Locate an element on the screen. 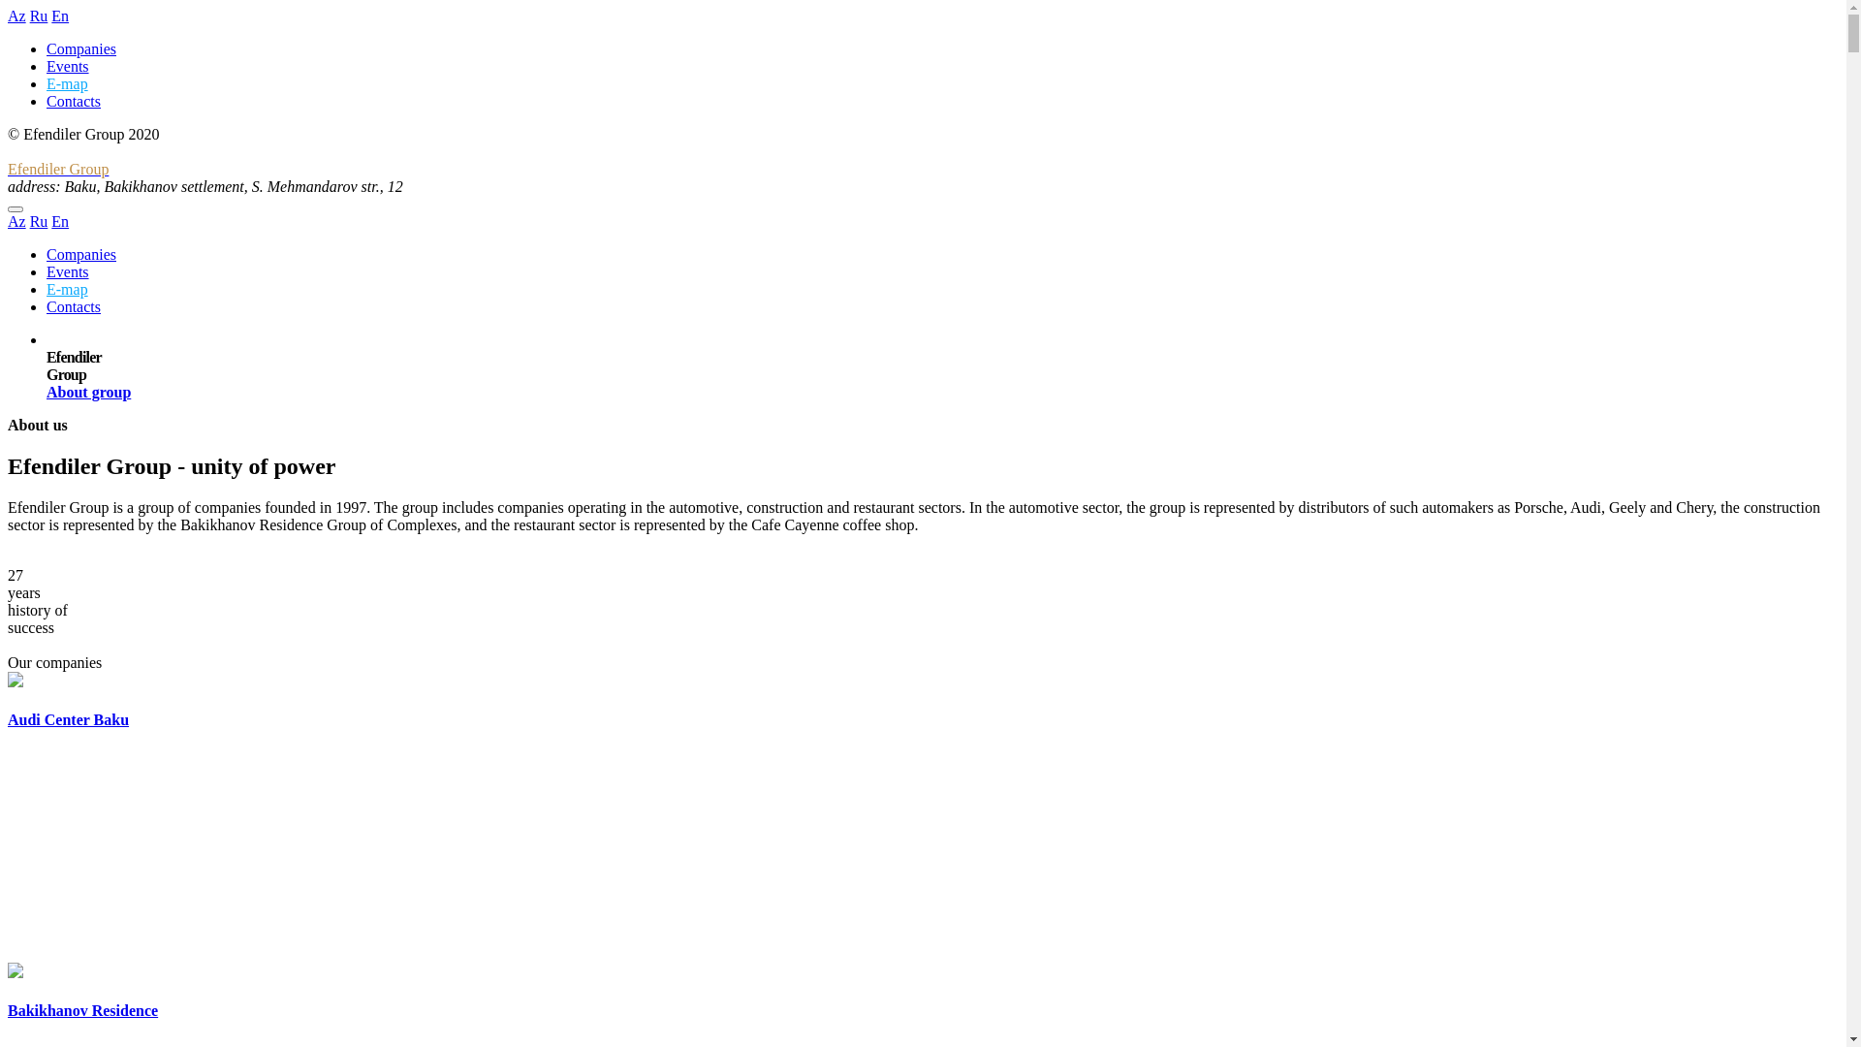 This screenshot has height=1047, width=1861. 'E-map' is located at coordinates (67, 82).